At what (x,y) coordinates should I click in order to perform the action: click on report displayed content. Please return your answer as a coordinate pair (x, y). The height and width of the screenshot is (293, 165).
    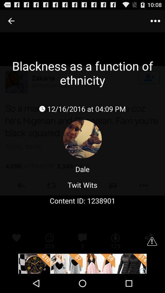
    Looking at the image, I should click on (152, 241).